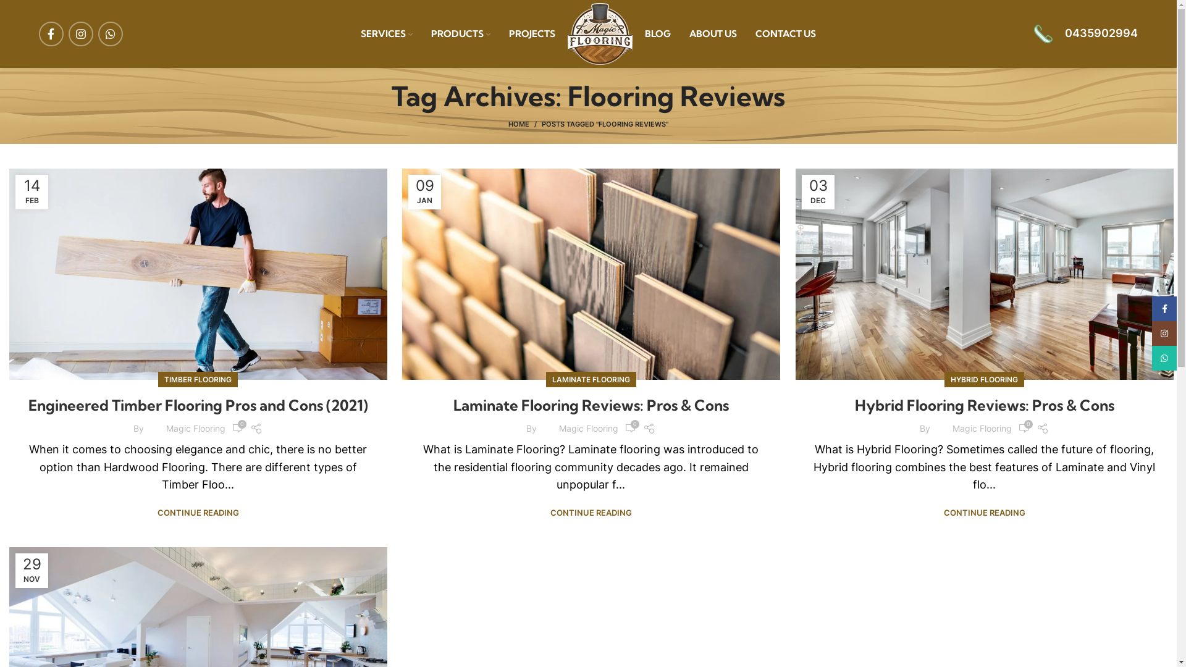 The image size is (1186, 667). I want to click on 'ABOUT US', so click(713, 33).